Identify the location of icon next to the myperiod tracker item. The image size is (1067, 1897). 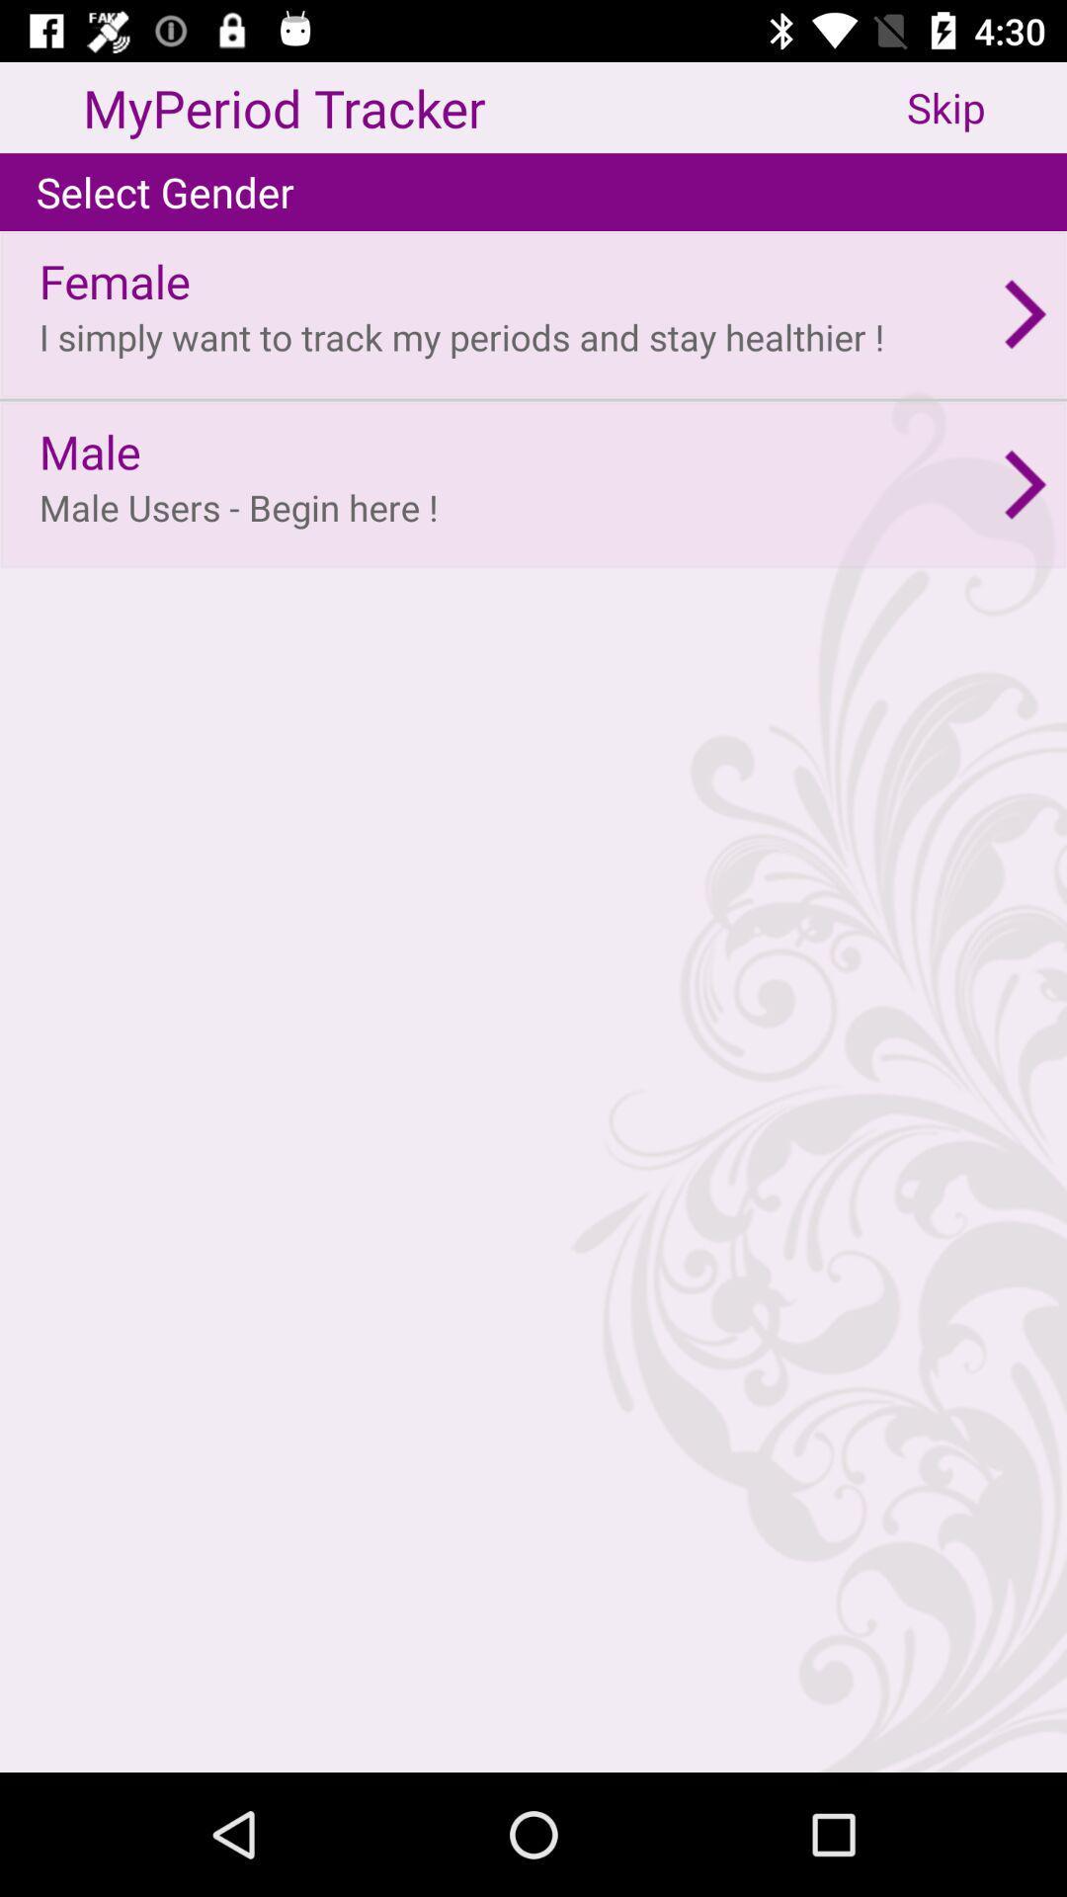
(987, 107).